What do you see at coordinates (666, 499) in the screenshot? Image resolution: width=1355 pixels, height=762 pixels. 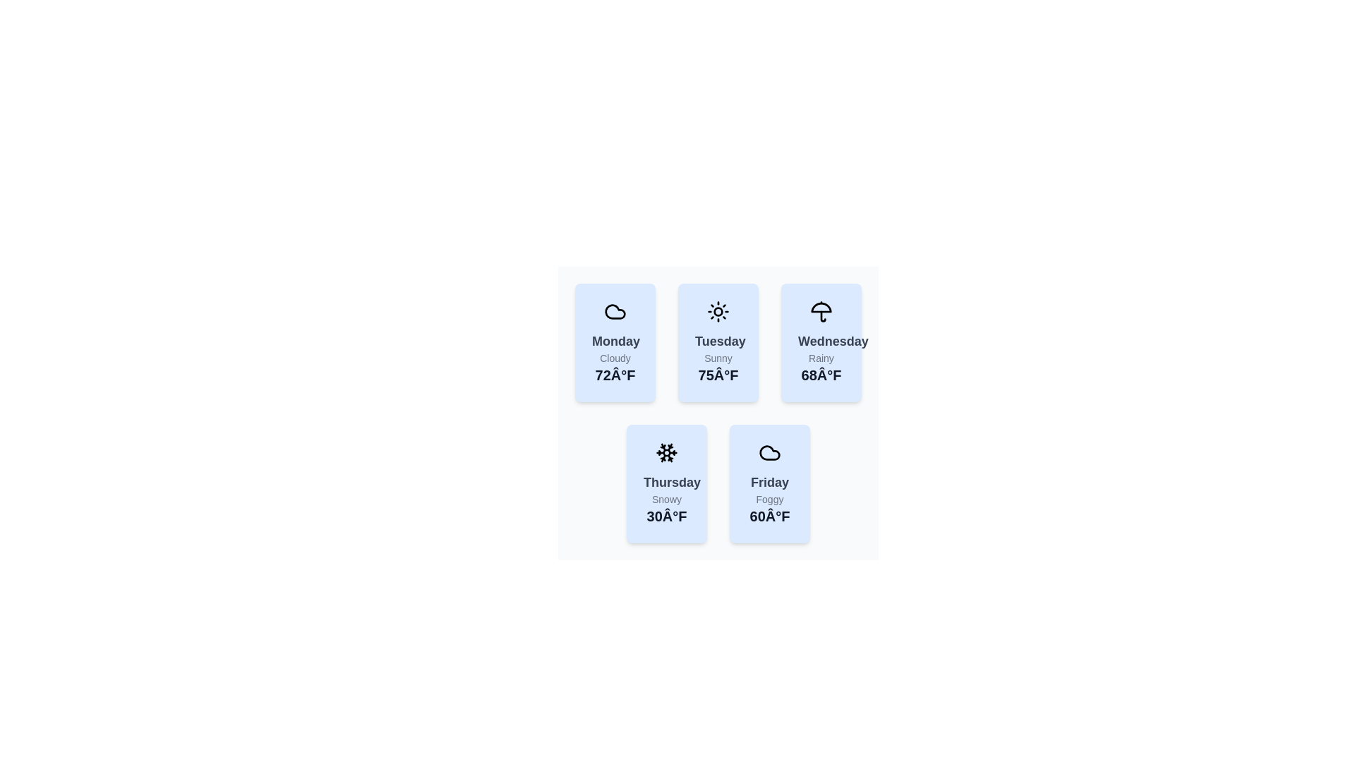 I see `descriptive text indicating the weather condition ('Snowy') for the day ('Thursday'), which is positioned in the center-left area of the card labeled 'Thursday'` at bounding box center [666, 499].